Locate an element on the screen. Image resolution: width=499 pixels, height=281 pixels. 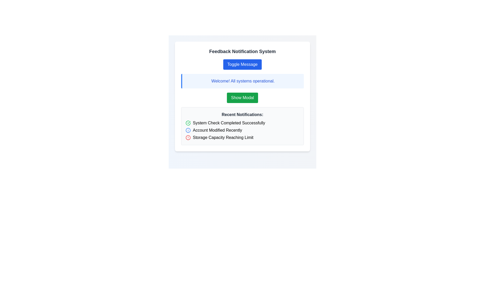
the circular SVG element that has a blue hue and a hollow interior, located to the left of the text content in the interface is located at coordinates (188, 130).